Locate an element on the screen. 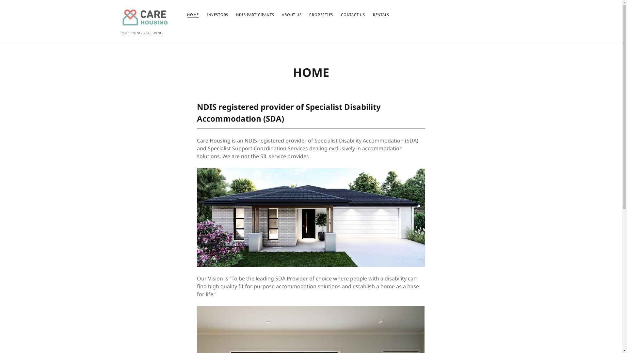  'ABOUT US' is located at coordinates (291, 15).